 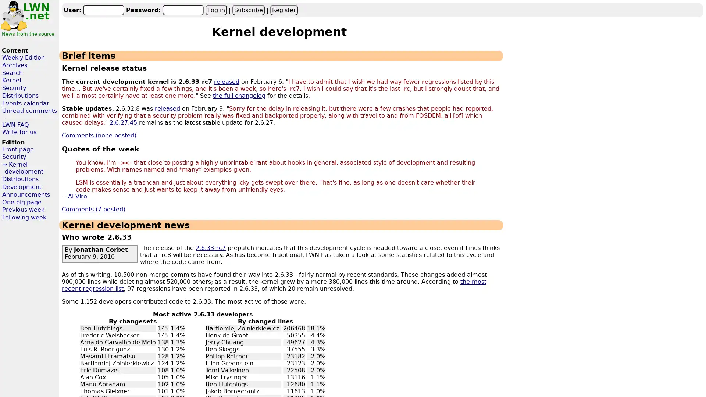 What do you see at coordinates (283, 10) in the screenshot?
I see `Register` at bounding box center [283, 10].